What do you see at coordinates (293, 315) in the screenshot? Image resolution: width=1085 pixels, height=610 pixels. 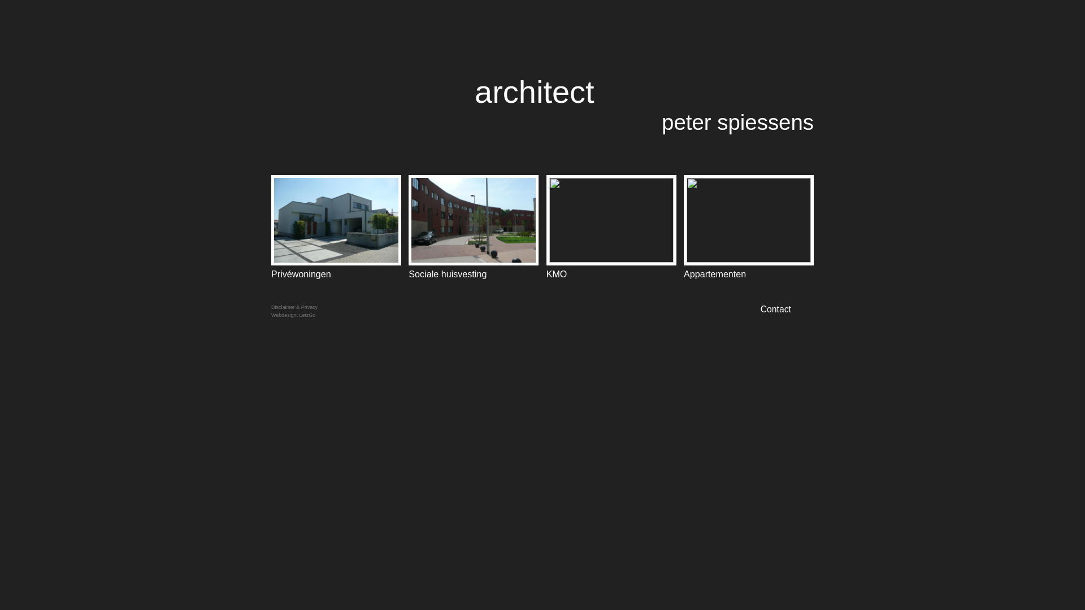 I see `'Webdesign: LetzGo'` at bounding box center [293, 315].